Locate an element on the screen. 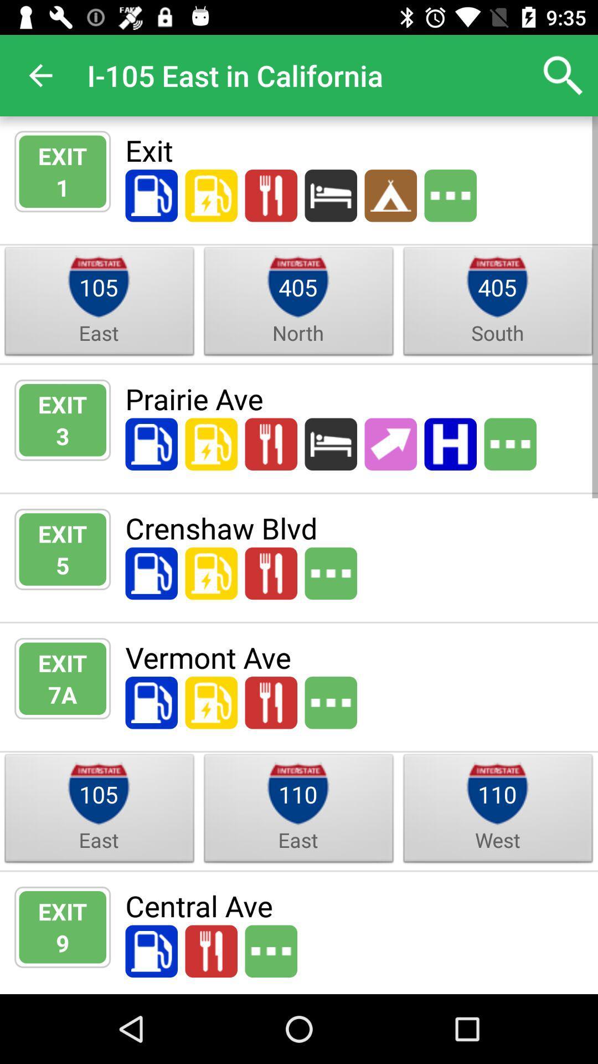  item next to exit is located at coordinates (63, 187).